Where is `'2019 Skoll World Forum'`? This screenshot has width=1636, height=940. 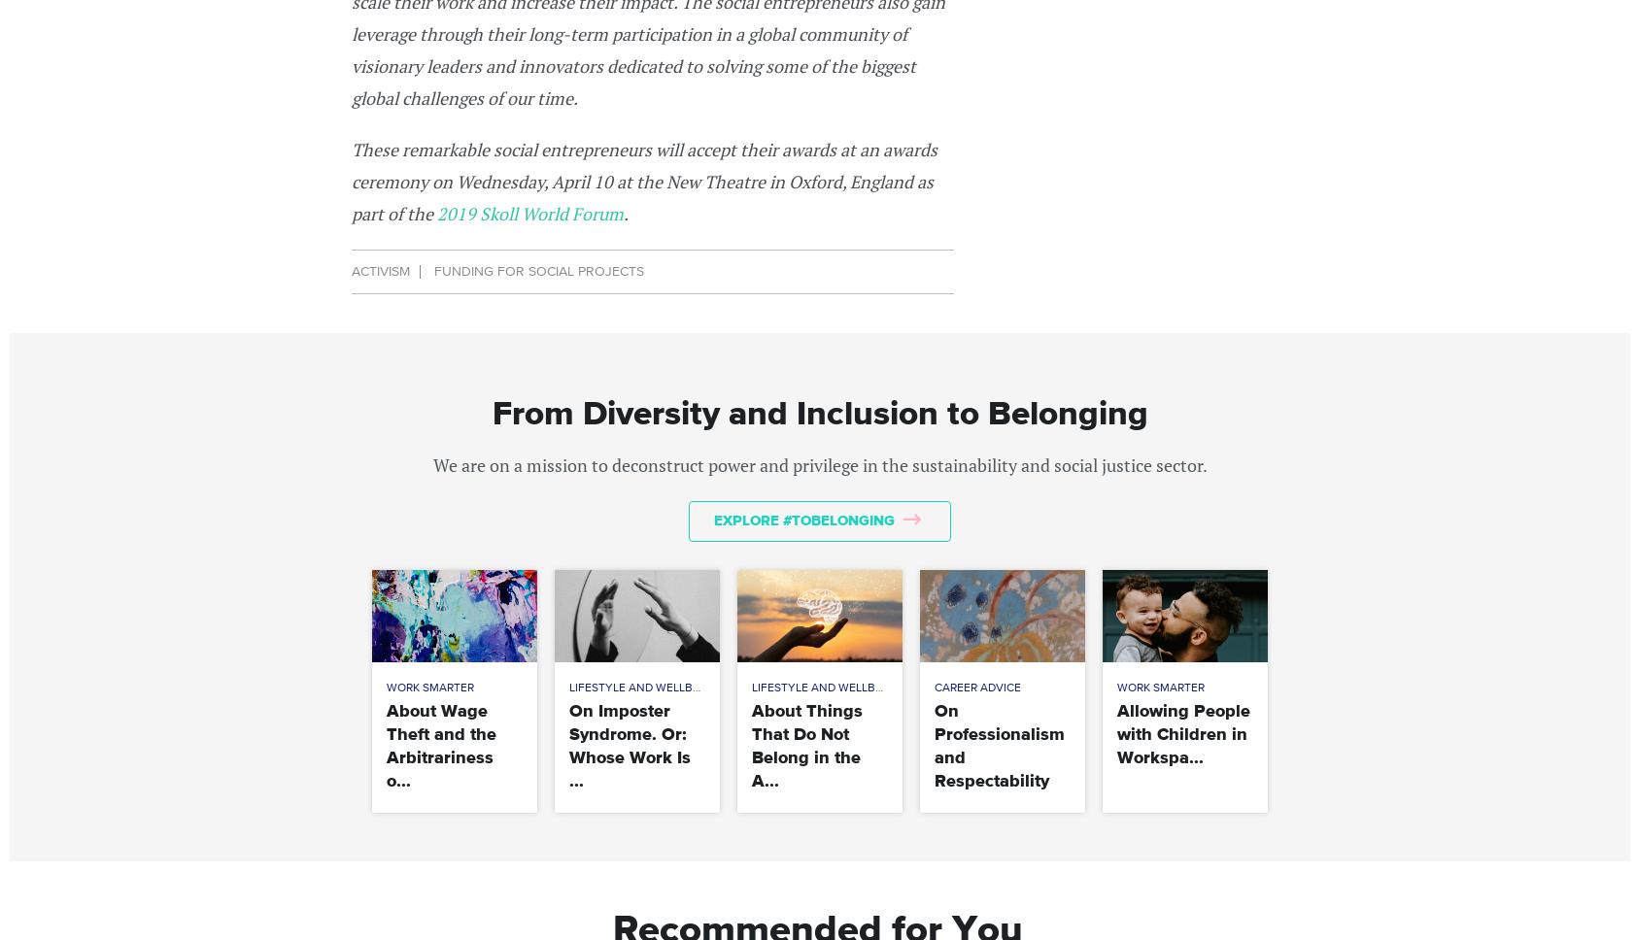
'2019 Skoll World Forum' is located at coordinates (528, 211).